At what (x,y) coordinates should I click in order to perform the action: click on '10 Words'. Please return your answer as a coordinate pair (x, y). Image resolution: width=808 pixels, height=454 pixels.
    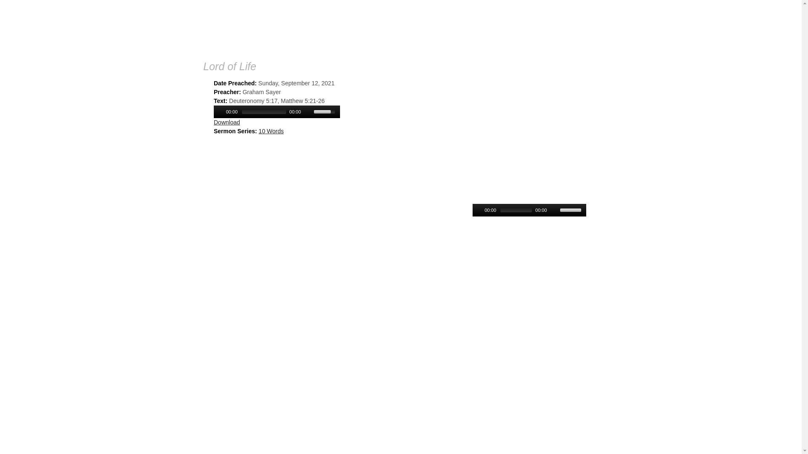
    Looking at the image, I should click on (271, 131).